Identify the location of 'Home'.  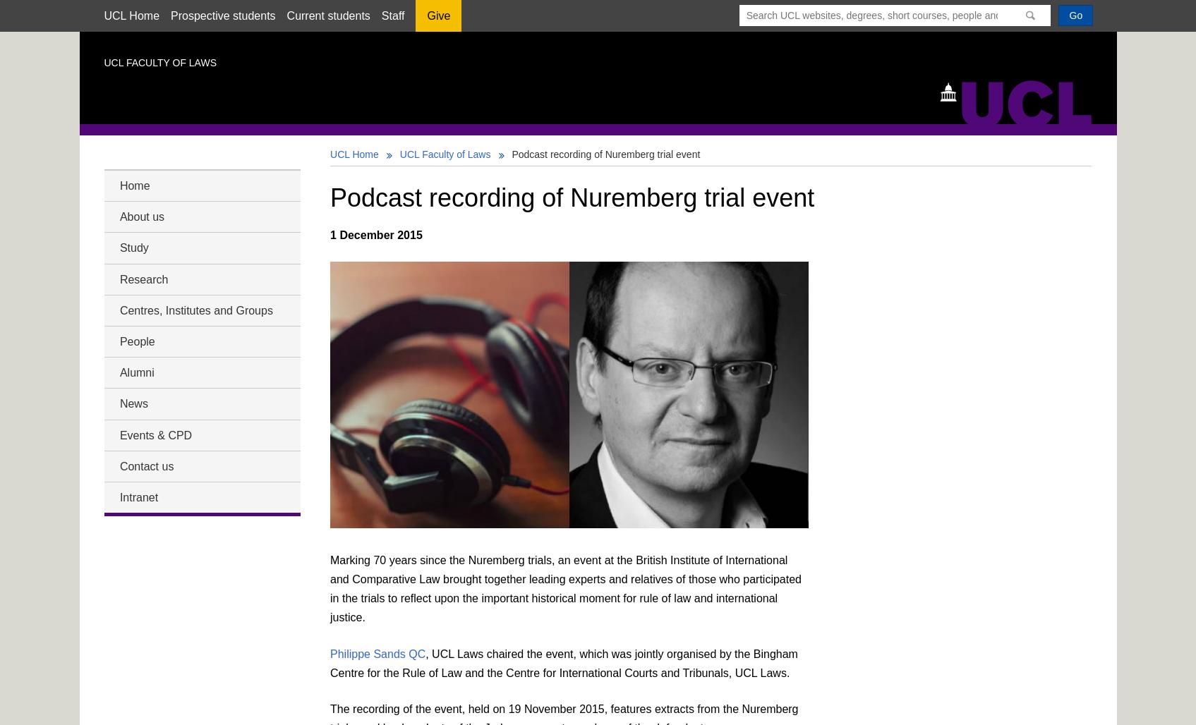
(134, 185).